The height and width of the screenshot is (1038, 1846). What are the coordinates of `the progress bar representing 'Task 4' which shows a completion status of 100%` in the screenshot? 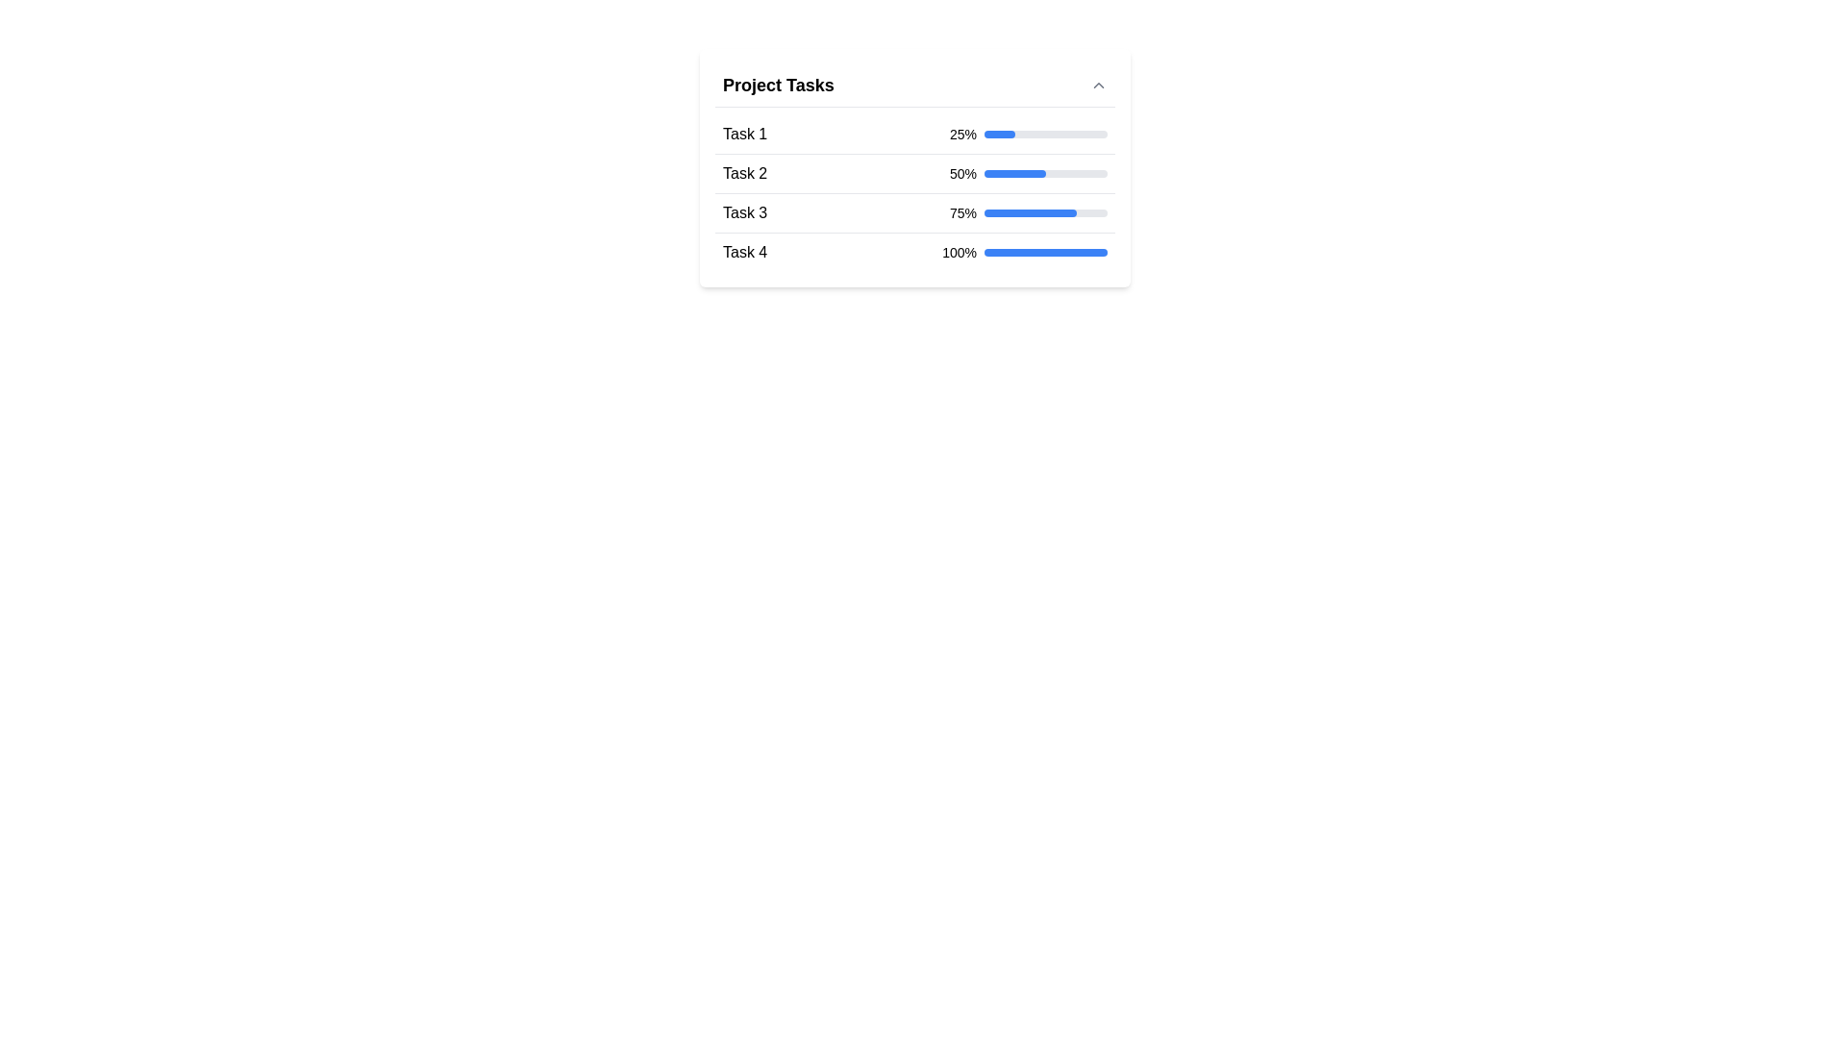 It's located at (1045, 251).